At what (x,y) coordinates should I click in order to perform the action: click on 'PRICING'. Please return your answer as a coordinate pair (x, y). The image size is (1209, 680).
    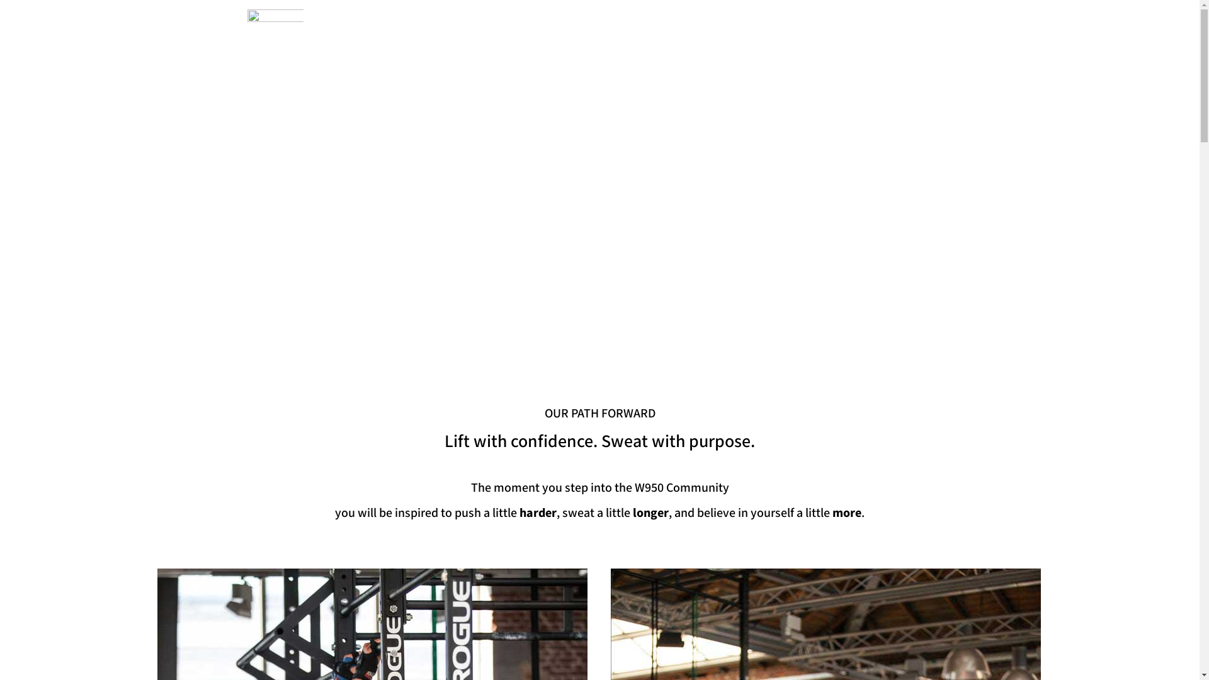
    Looking at the image, I should click on (769, 24).